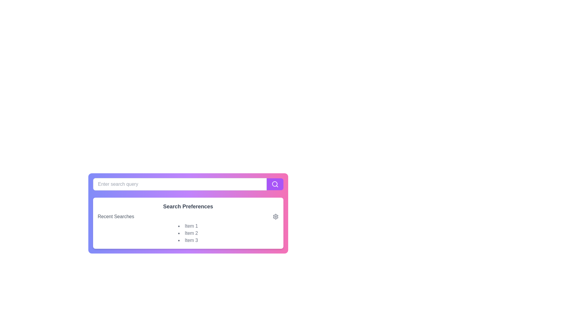 This screenshot has width=571, height=321. I want to click on the Icon button located at the top-right corner of the modal's content box, so click(275, 217).